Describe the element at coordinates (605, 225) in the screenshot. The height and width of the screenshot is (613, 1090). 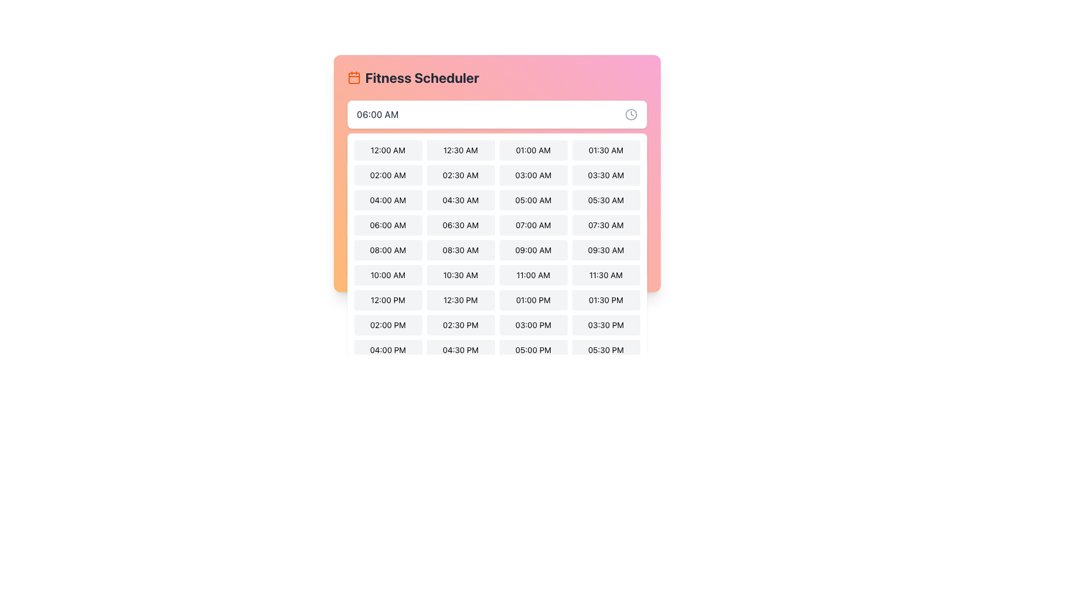
I see `the rectangular button with a light gray background displaying '07:30 AM'` at that location.